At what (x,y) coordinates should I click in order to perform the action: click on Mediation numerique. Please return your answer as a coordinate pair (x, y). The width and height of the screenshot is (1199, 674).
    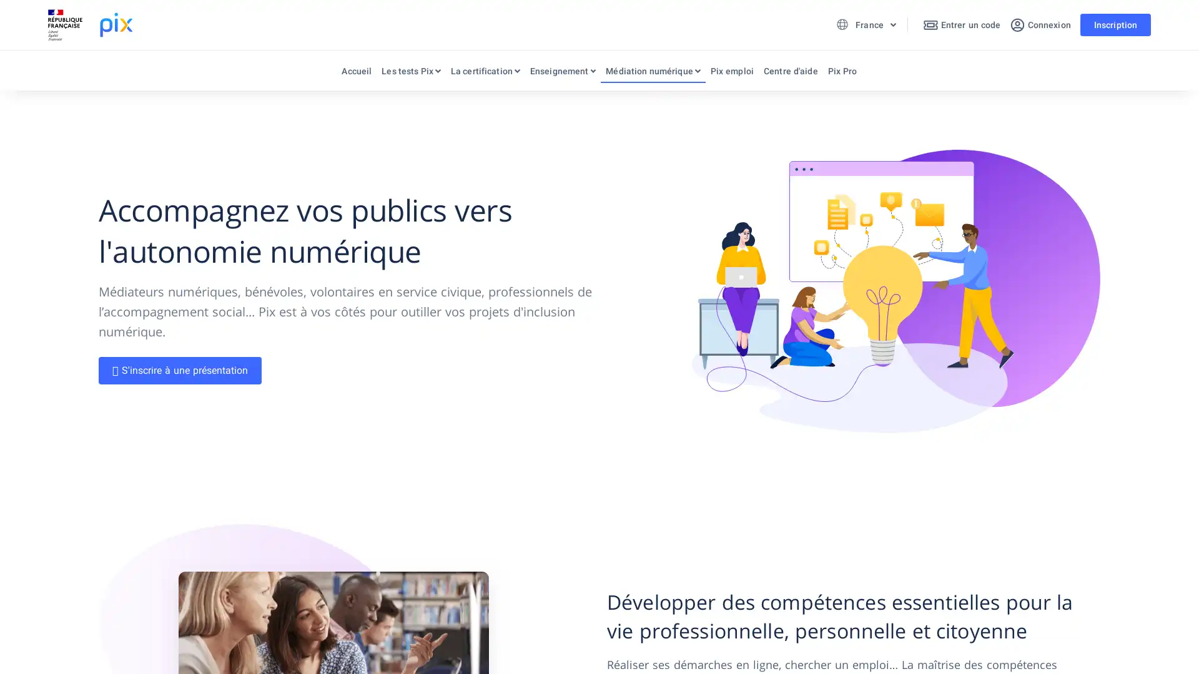
    Looking at the image, I should click on (652, 74).